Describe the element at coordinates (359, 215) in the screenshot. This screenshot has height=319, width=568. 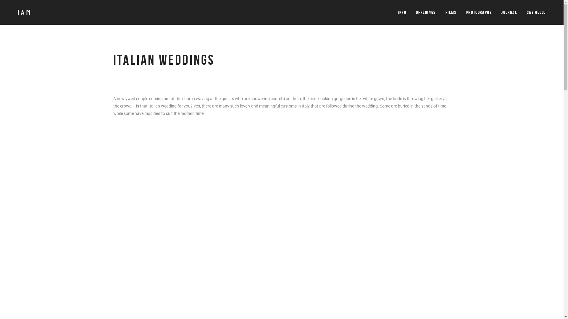
I see `'Pre Wedding Film'` at that location.